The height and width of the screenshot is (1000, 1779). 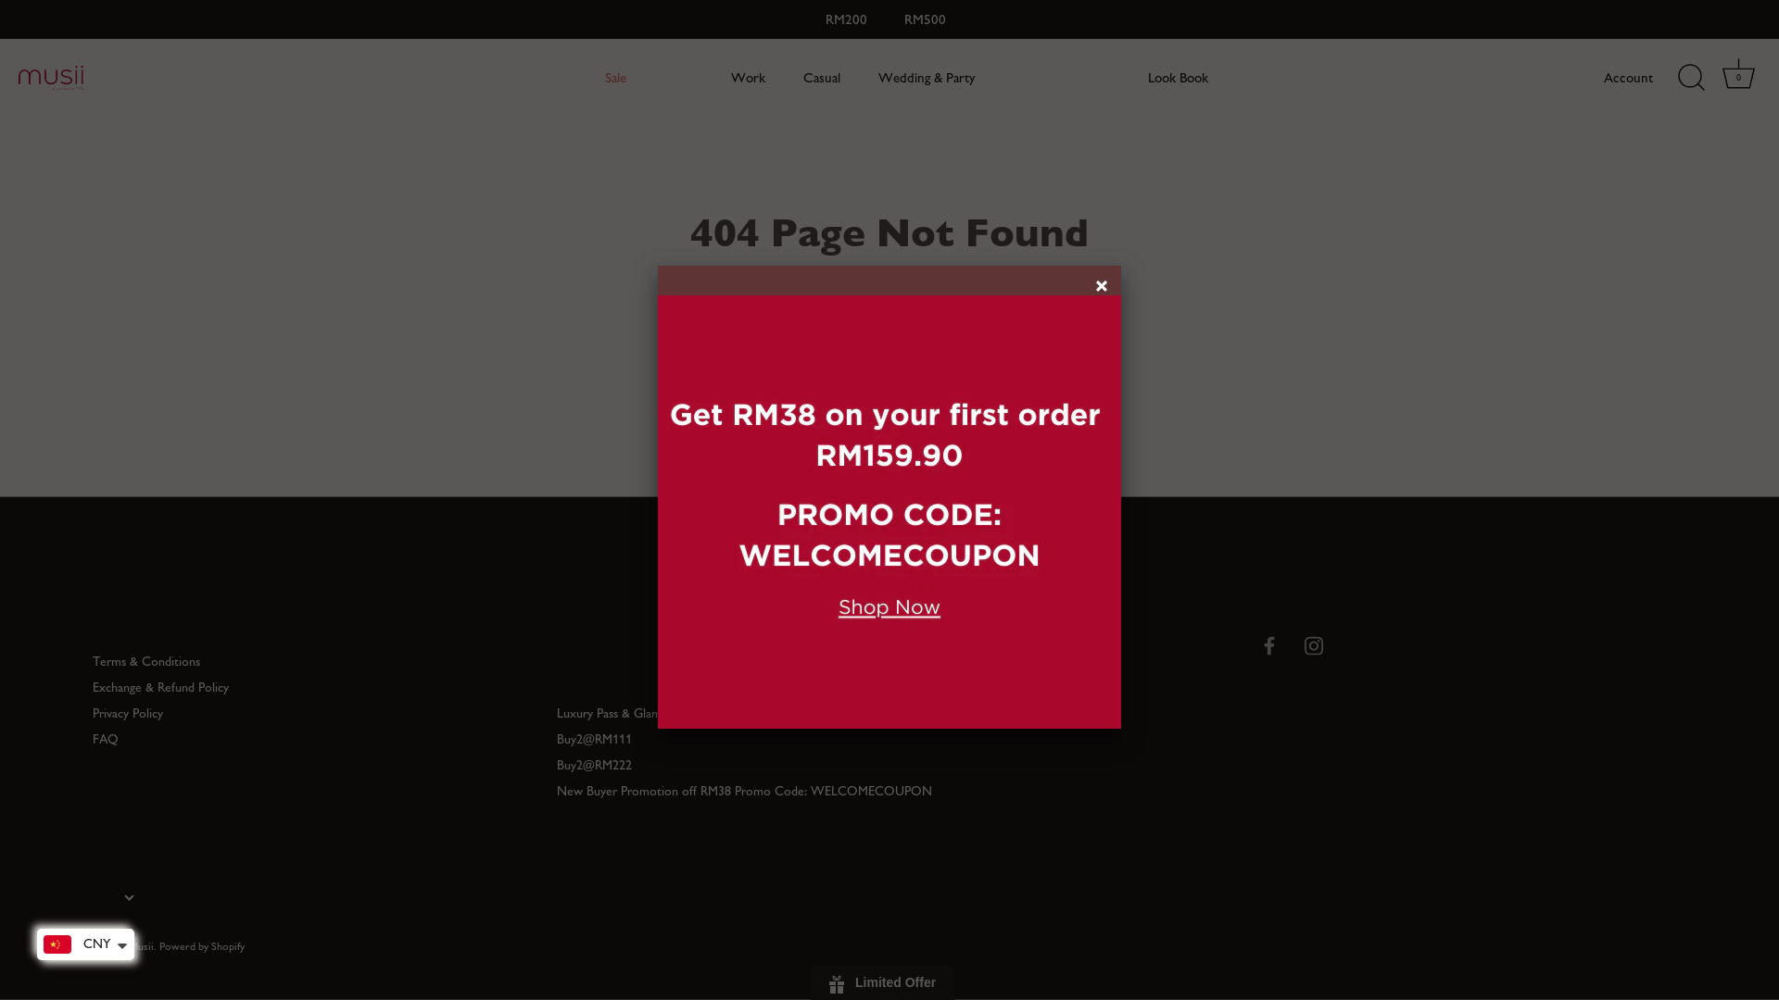 I want to click on 'Exchange & Refund Policy', so click(x=160, y=687).